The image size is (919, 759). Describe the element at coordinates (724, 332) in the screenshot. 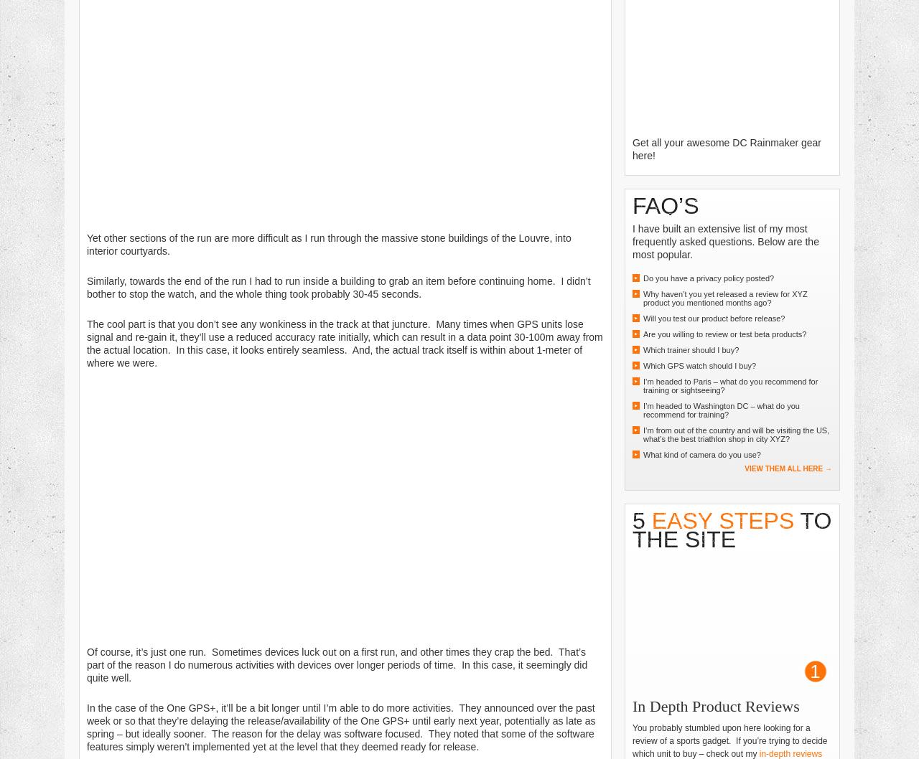

I see `'Are you willing to review or test beta products?'` at that location.